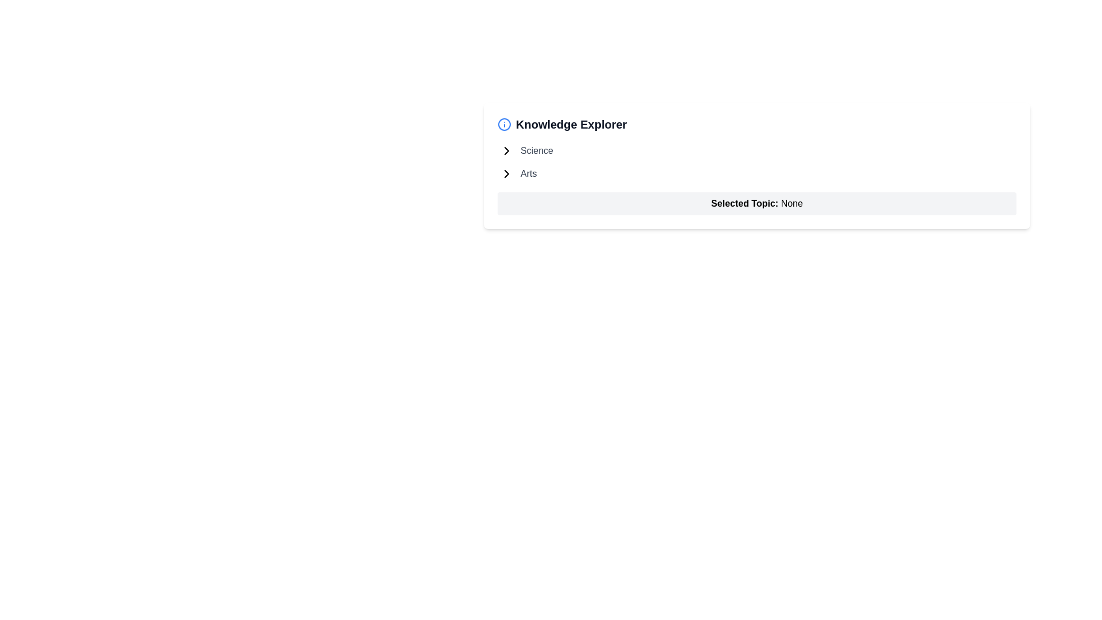 The width and height of the screenshot is (1102, 620). What do you see at coordinates (506, 150) in the screenshot?
I see `the toggle button located to the left of the 'Science' text label` at bounding box center [506, 150].